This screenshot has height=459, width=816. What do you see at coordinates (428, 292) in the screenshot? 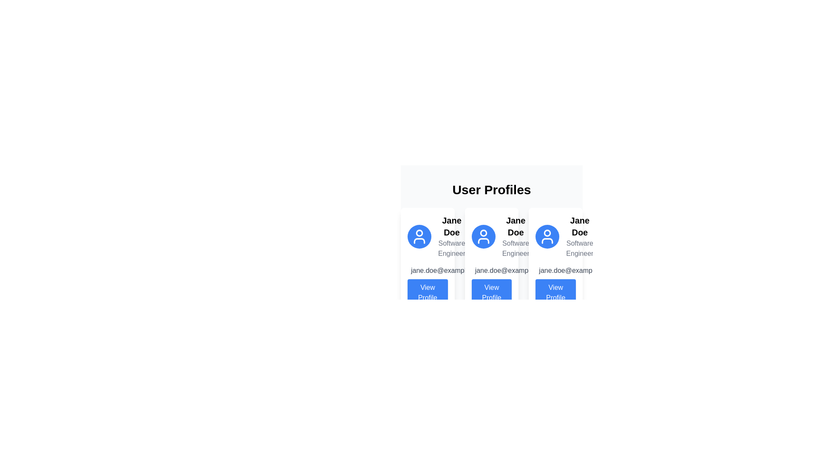
I see `the rectangular button with a blue background and white text reading 'View Profile' located at the bottom of the user profile card` at bounding box center [428, 292].